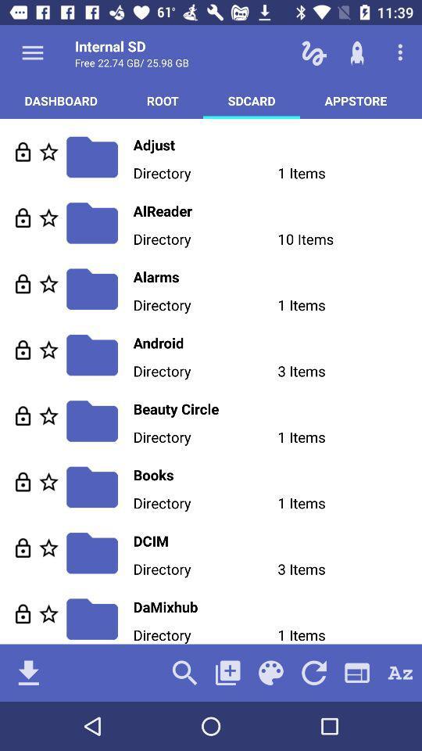  What do you see at coordinates (357, 672) in the screenshot?
I see `the icon below the 1 items item` at bounding box center [357, 672].